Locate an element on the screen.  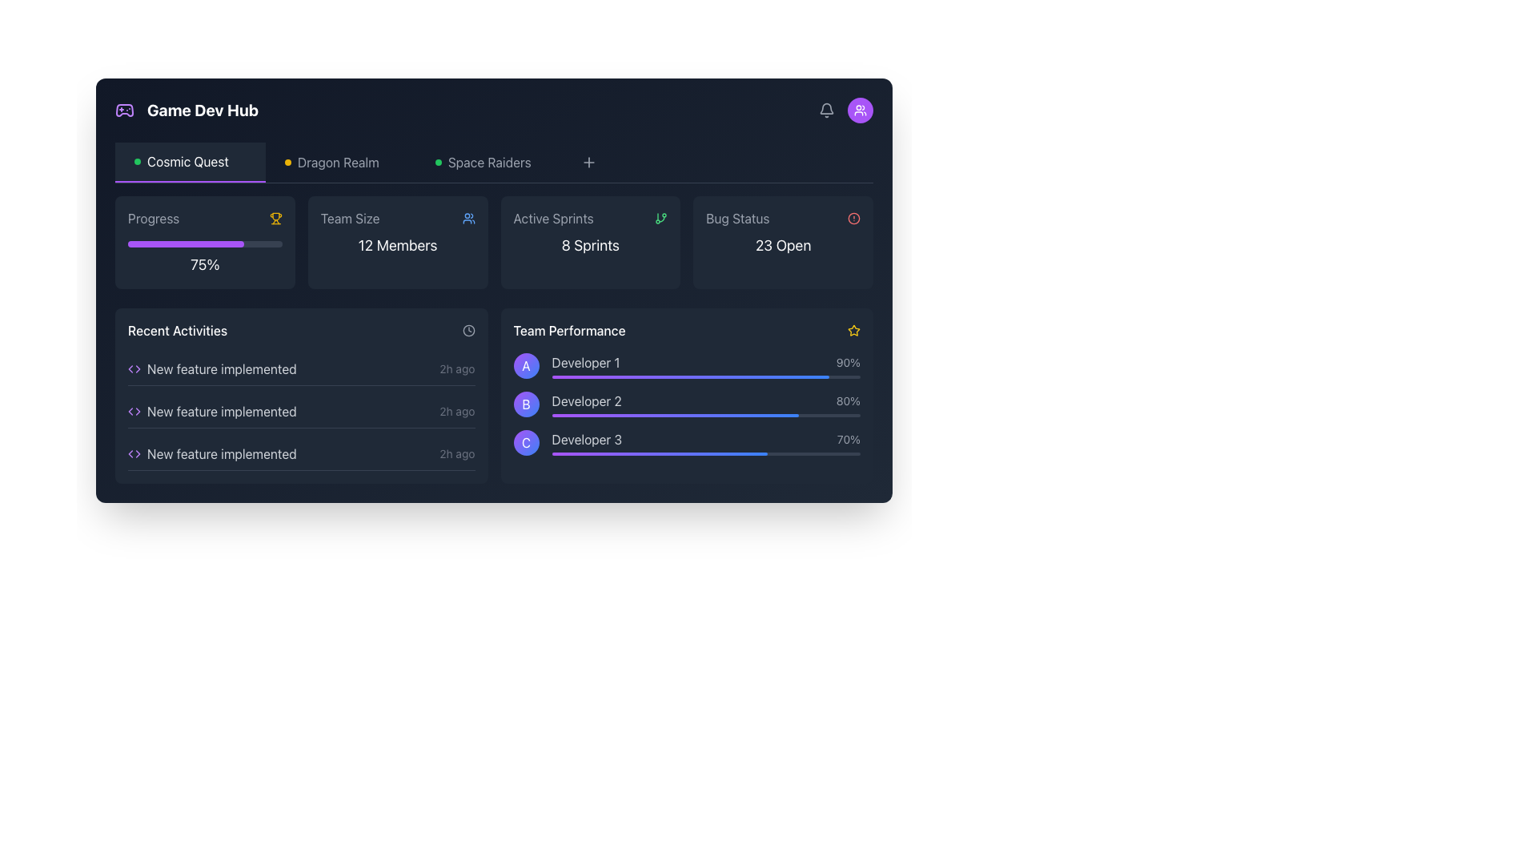
the 'Dragon Realm' navigation text label is located at coordinates (339, 163).